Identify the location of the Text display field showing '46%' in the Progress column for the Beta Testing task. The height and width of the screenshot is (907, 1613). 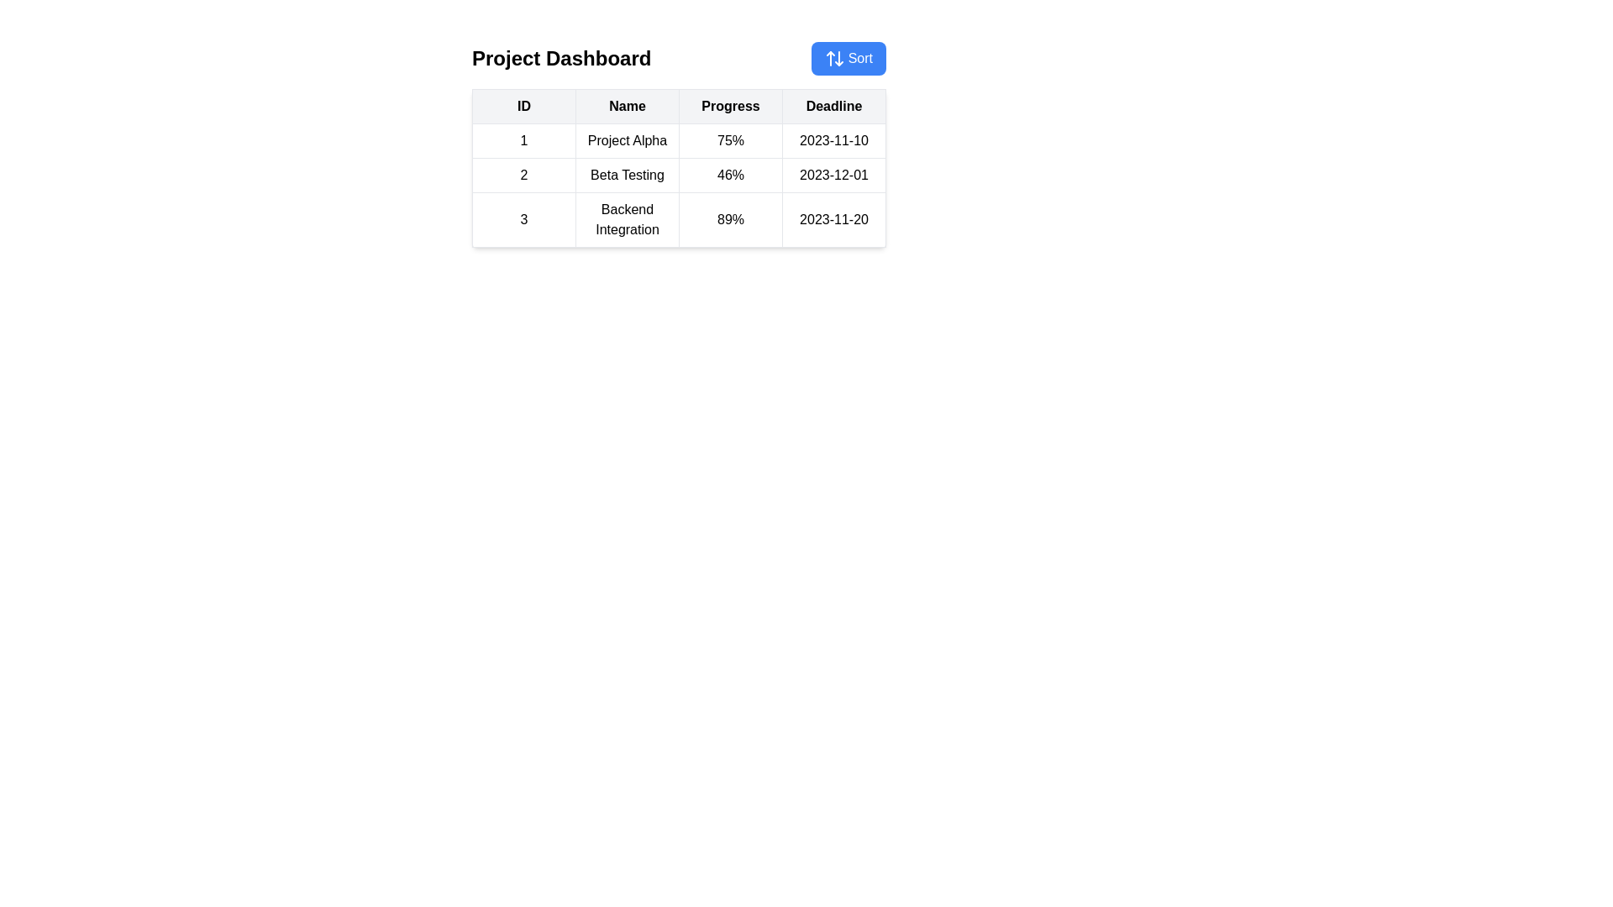
(730, 175).